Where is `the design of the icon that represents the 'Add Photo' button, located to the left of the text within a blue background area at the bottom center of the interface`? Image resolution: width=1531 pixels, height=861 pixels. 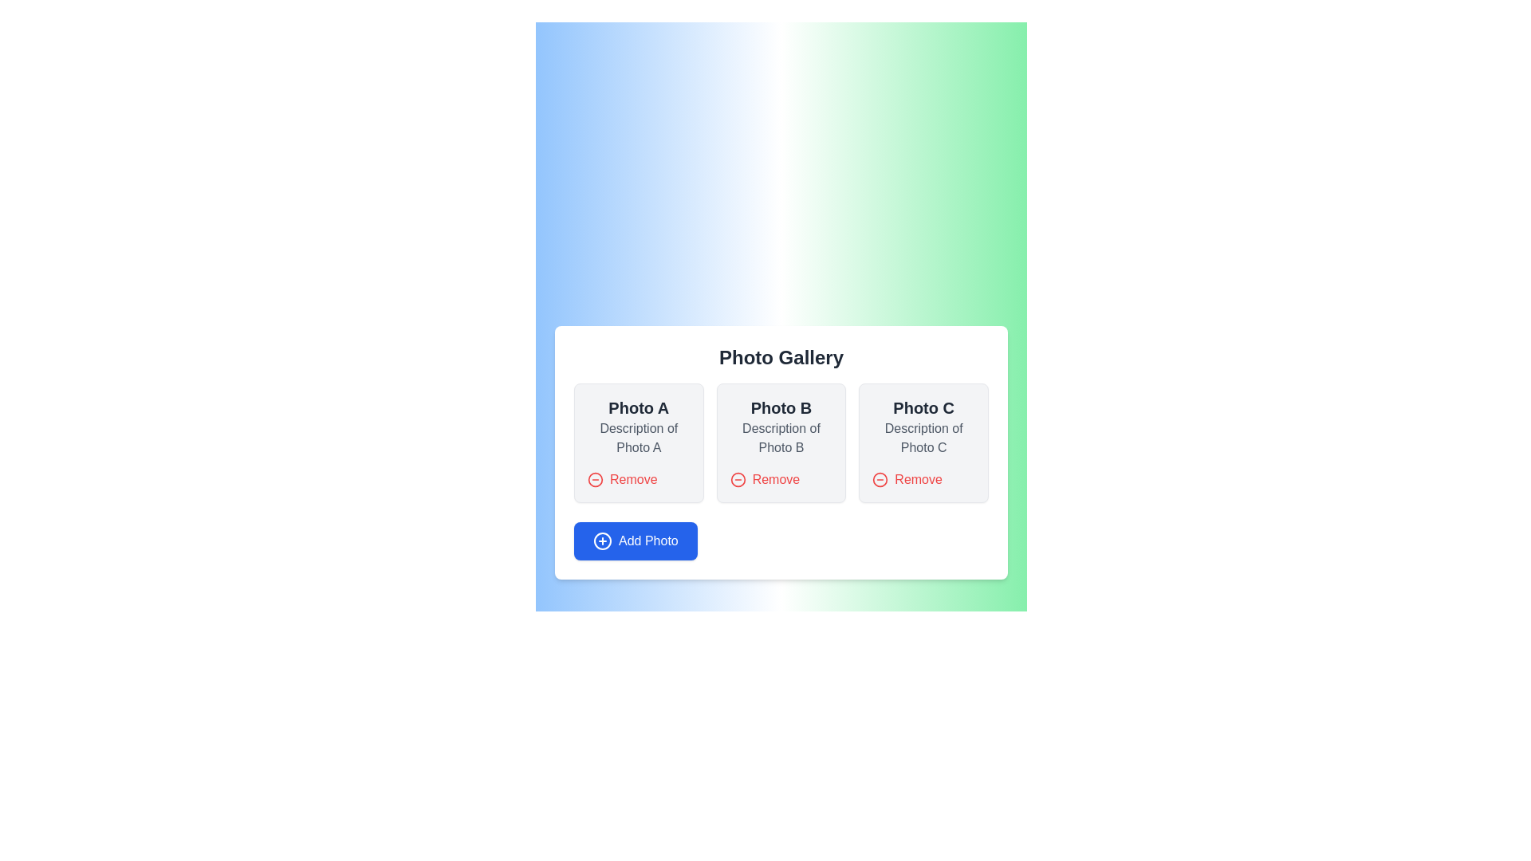 the design of the icon that represents the 'Add Photo' button, located to the left of the text within a blue background area at the bottom center of the interface is located at coordinates (601, 540).